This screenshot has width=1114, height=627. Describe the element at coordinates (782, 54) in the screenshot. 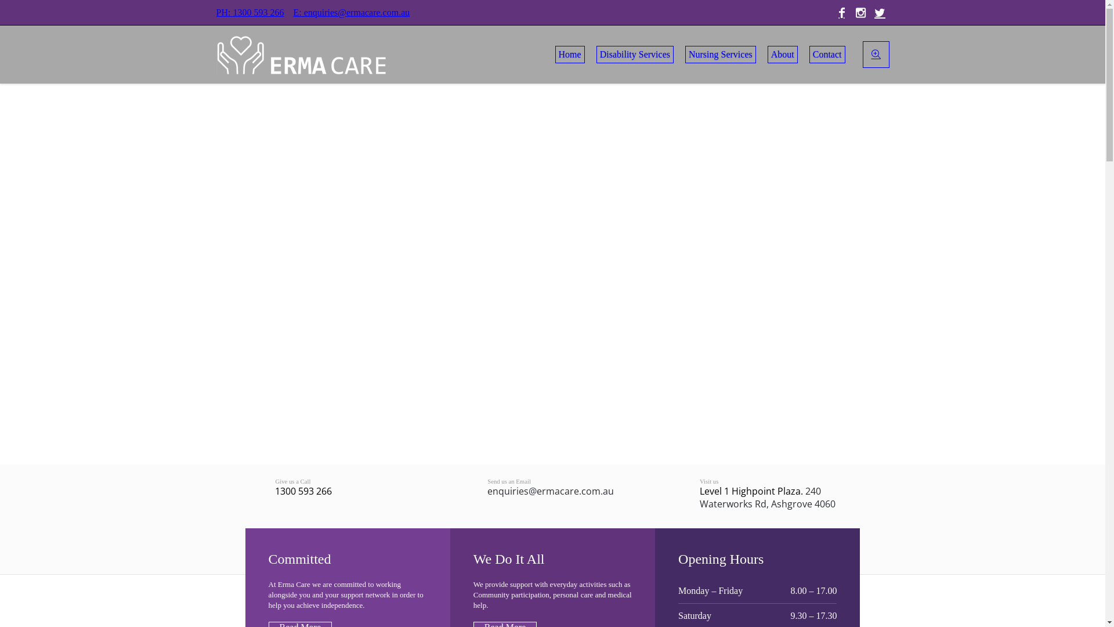

I see `'About'` at that location.